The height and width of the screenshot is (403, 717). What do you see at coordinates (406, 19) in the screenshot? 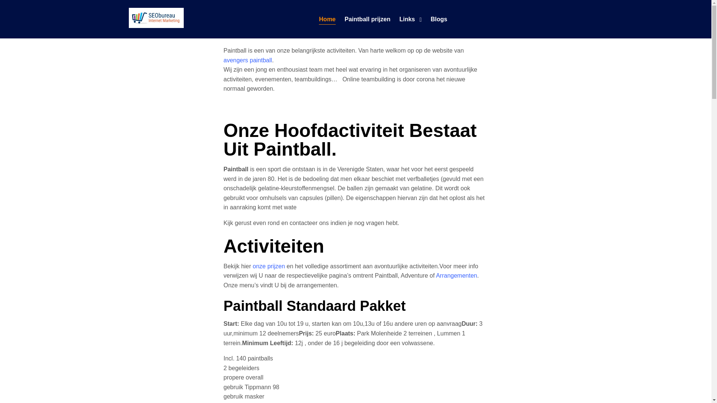
I see `'Links'` at bounding box center [406, 19].